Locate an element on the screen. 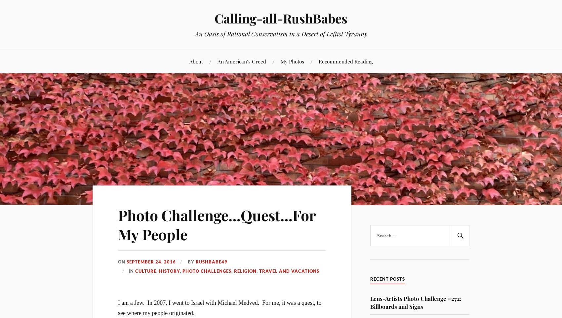 This screenshot has width=562, height=318. 'September 24, 2016' is located at coordinates (151, 261).